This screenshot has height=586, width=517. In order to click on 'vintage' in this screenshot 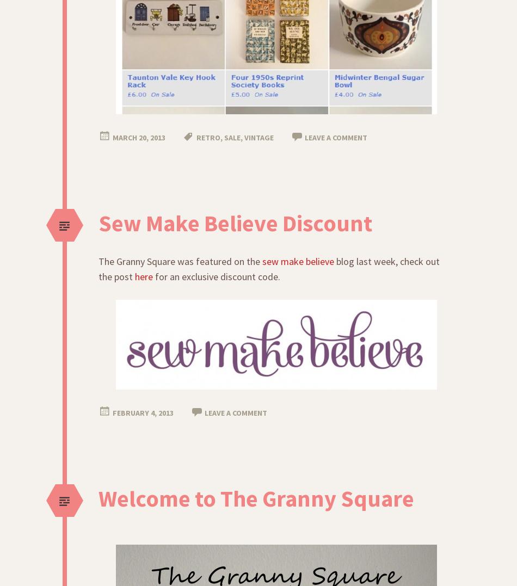, I will do `click(259, 137)`.